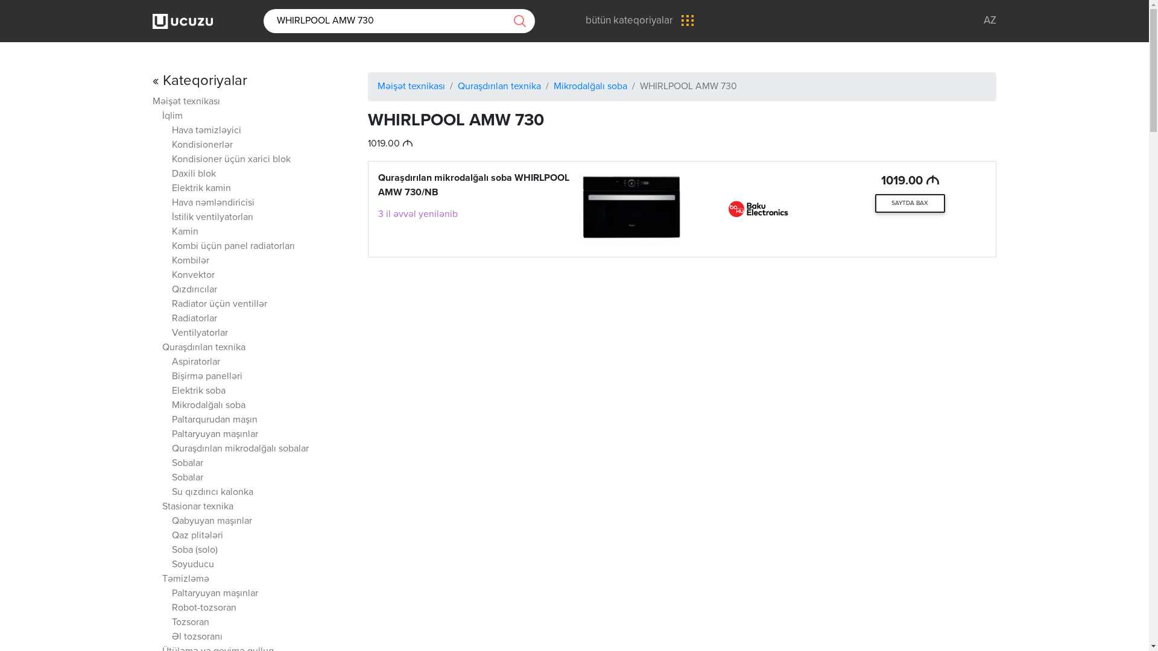  I want to click on 'Elektrik soba', so click(198, 391).